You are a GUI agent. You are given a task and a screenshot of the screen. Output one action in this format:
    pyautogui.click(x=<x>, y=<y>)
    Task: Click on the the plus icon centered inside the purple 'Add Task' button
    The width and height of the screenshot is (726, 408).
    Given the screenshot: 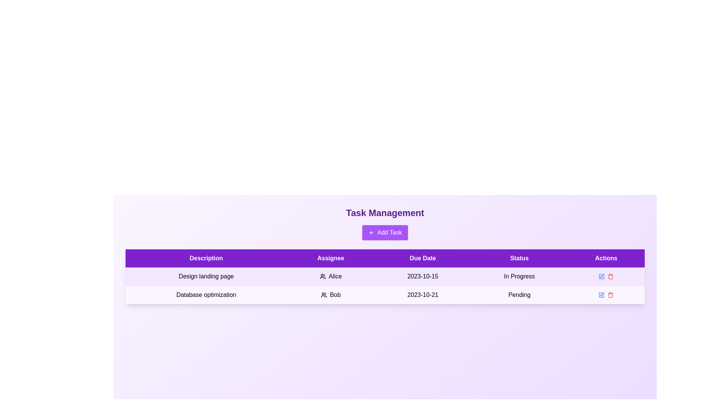 What is the action you would take?
    pyautogui.click(x=371, y=232)
    